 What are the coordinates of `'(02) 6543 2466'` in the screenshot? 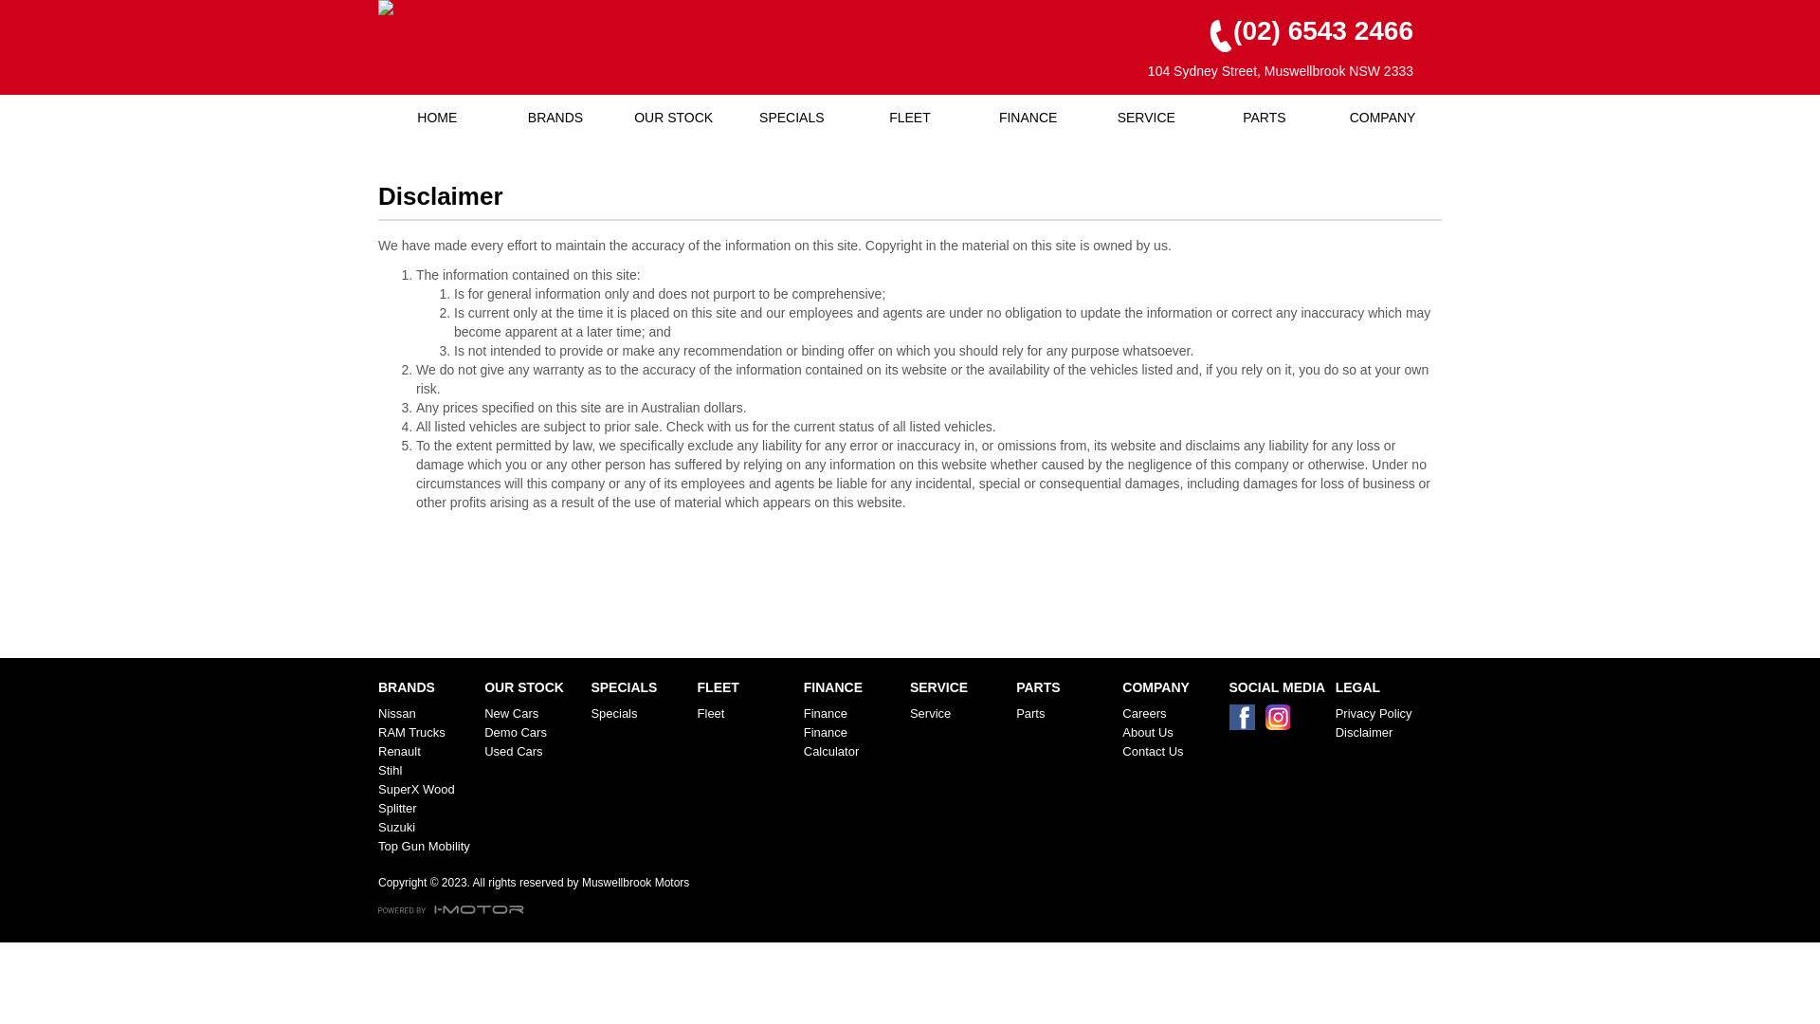 It's located at (1301, 31).